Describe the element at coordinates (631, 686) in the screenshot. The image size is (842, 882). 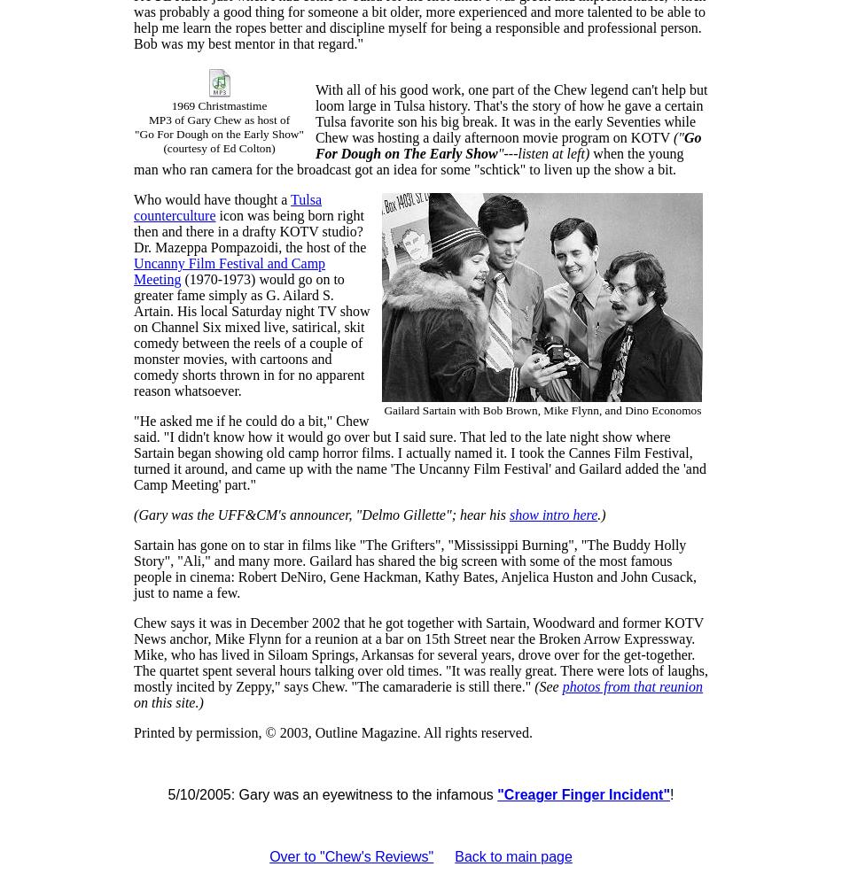
I see `'photos from that reunion'` at that location.